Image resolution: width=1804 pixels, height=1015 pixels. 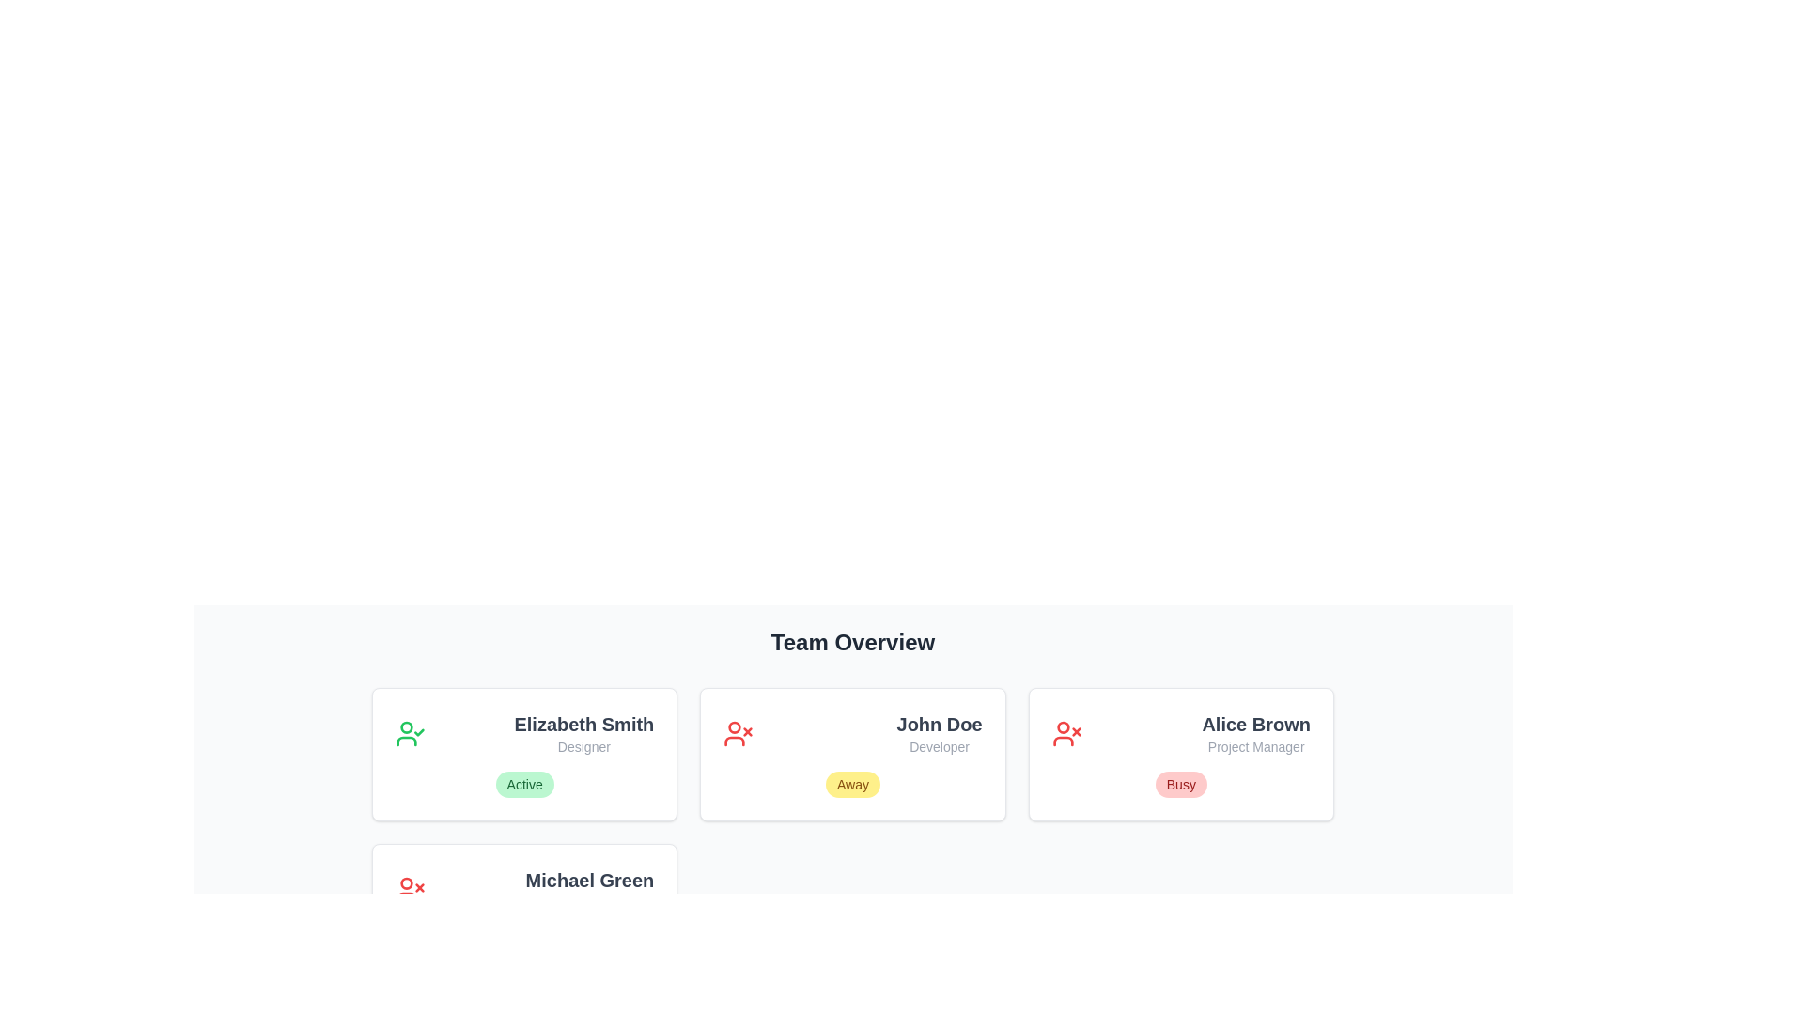 I want to click on the Text label that identifies the profile or user, located at the bottom-left section of the interface, so click(x=589, y=881).